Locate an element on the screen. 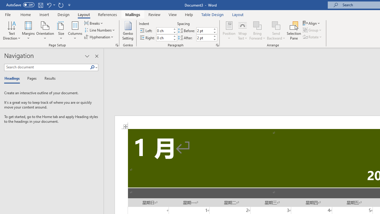 The image size is (380, 214). 'Table Design' is located at coordinates (213, 14).